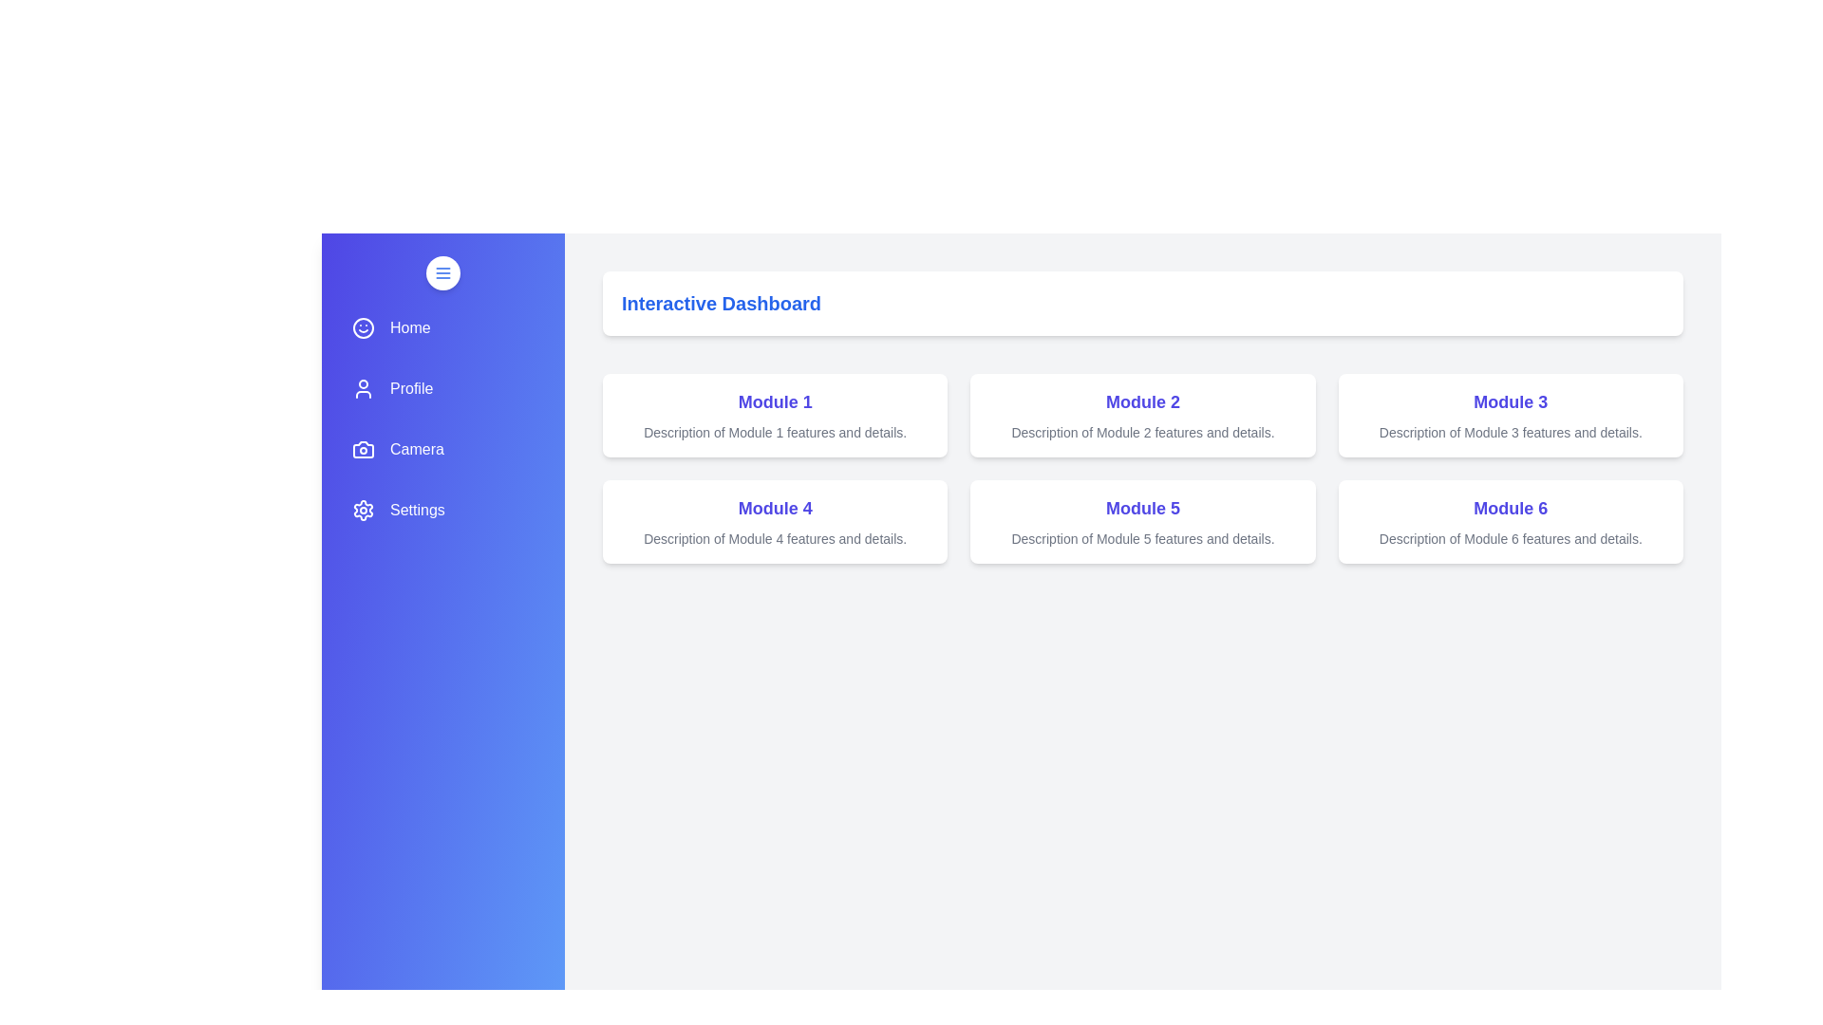 This screenshot has width=1823, height=1025. I want to click on the text label that displays 'Module 1' in large, bold purple font, located at the top left of the grid layout within a white card interface, so click(775, 401).